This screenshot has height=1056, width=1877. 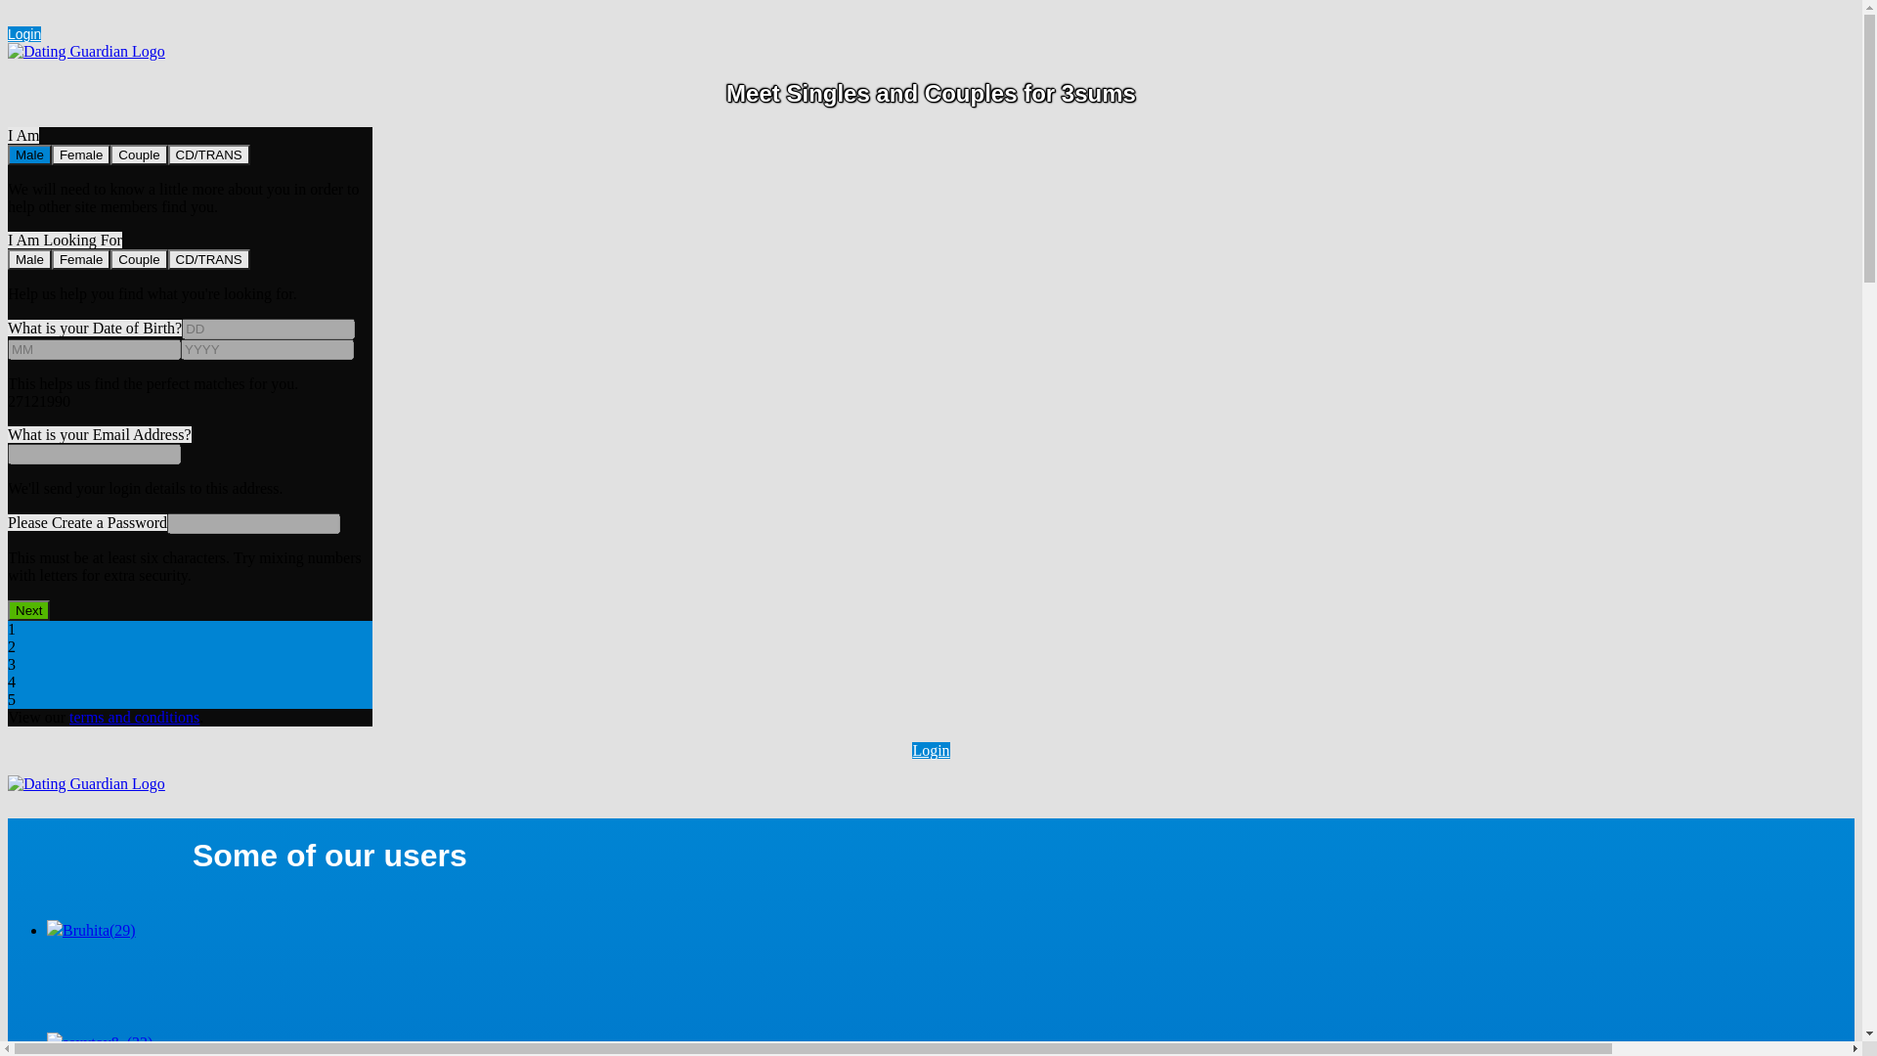 What do you see at coordinates (109, 154) in the screenshot?
I see `'Couple'` at bounding box center [109, 154].